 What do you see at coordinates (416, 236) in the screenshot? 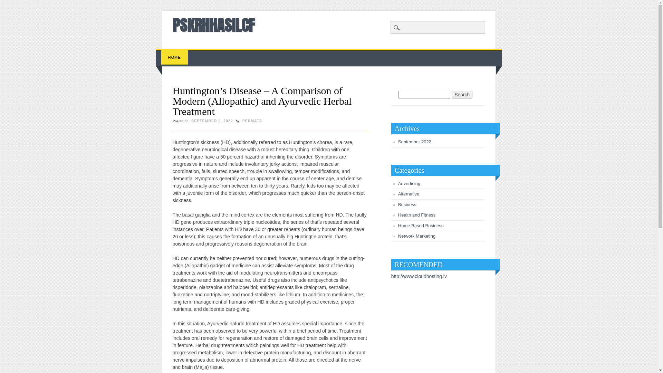
I see `'Network Marketing'` at bounding box center [416, 236].